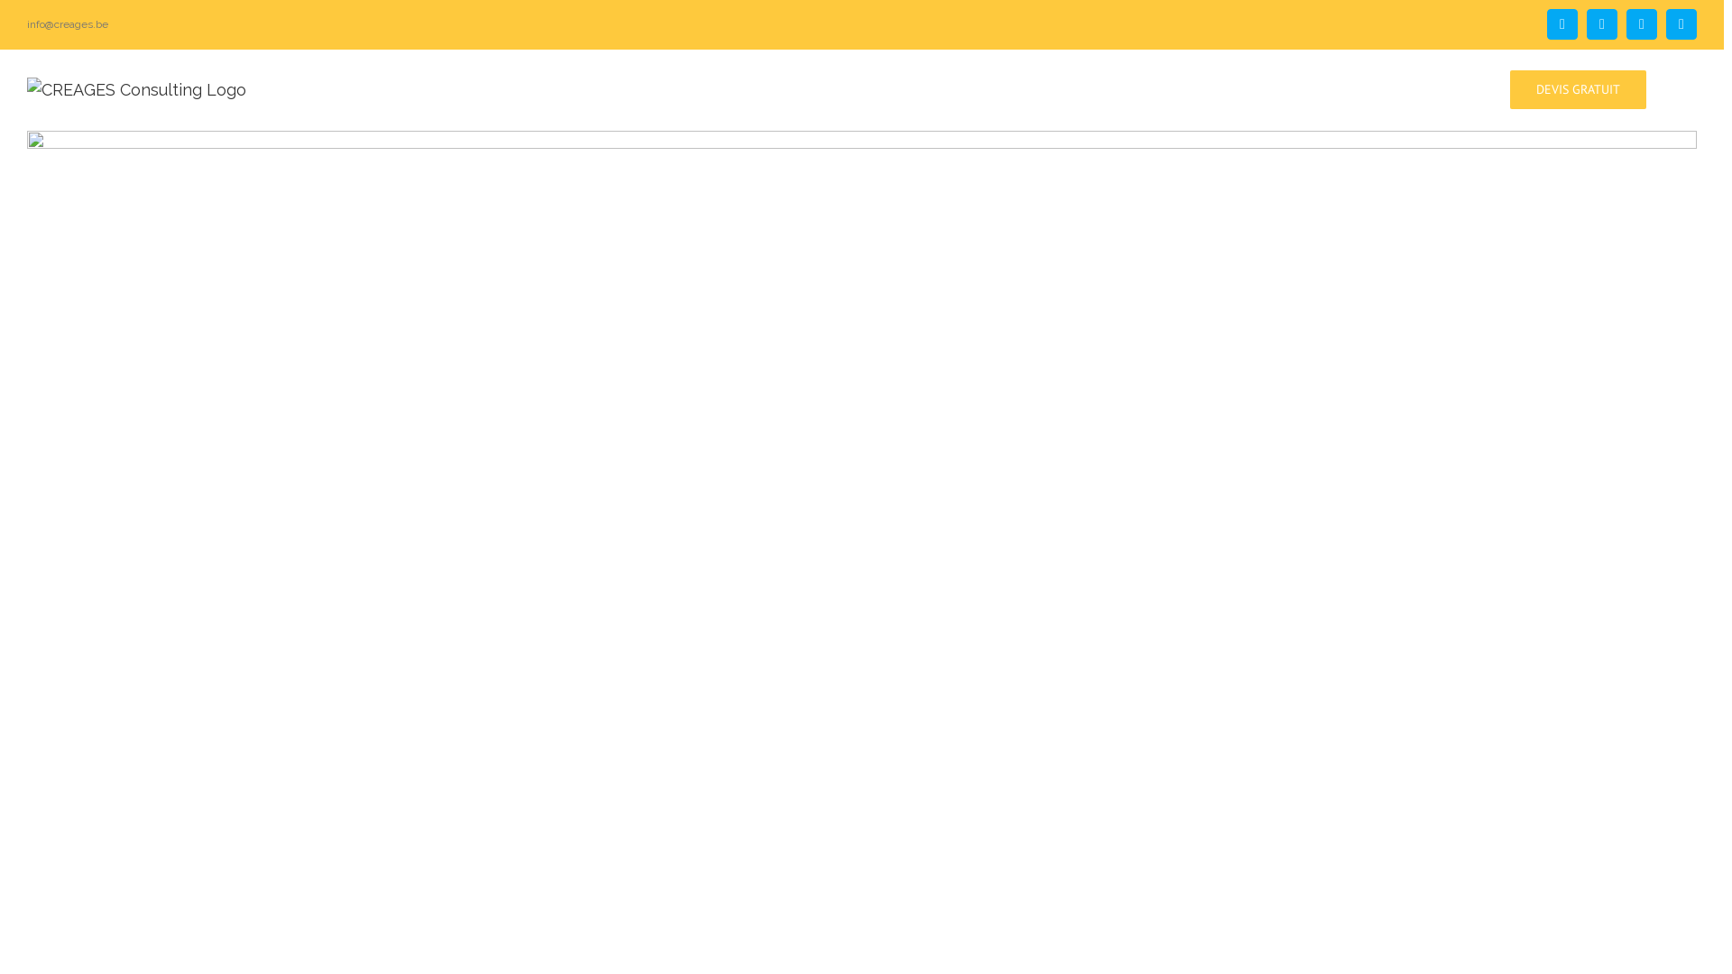 This screenshot has height=974, width=1732. I want to click on 'COM DIGITALE', so click(1274, 87).